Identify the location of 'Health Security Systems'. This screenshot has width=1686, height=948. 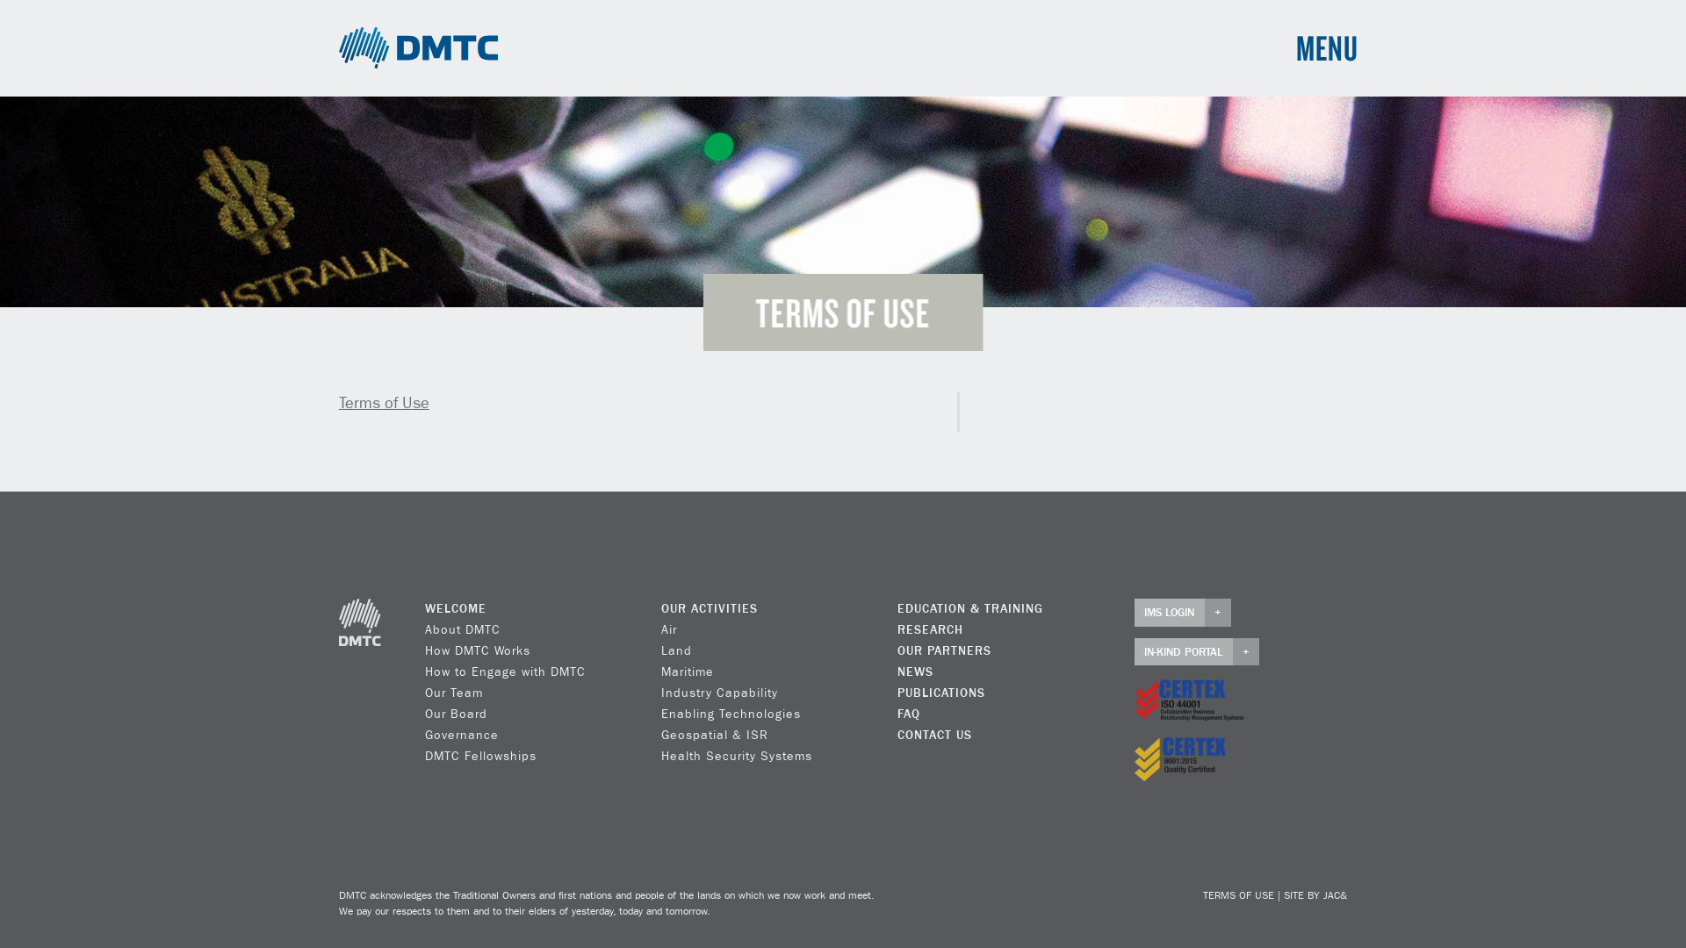
(737, 755).